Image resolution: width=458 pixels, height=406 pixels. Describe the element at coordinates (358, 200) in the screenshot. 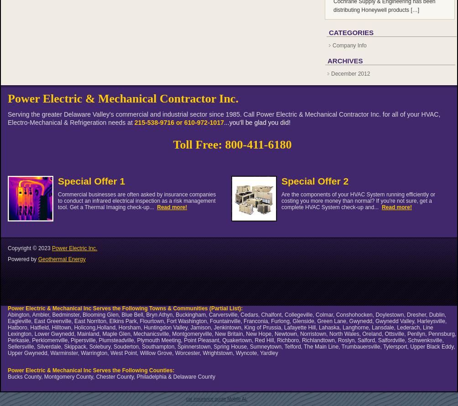

I see `'Are the components of your HVAC System running efficiently or costing you more money than normal? If you're not sure, get a complete HVAC System check-up and...'` at that location.